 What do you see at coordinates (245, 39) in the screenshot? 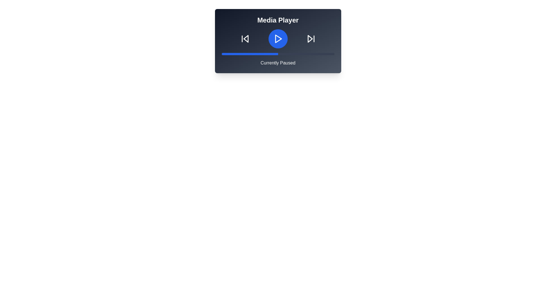
I see `the 'Skip Back' button to skip to the previous track` at bounding box center [245, 39].